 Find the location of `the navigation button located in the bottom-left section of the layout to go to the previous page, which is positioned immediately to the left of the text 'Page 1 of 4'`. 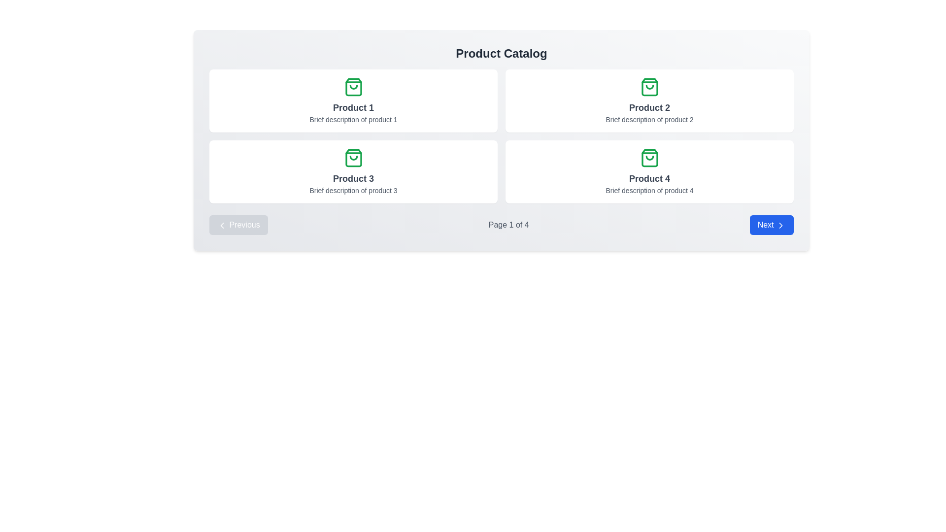

the navigation button located in the bottom-left section of the layout to go to the previous page, which is positioned immediately to the left of the text 'Page 1 of 4' is located at coordinates (238, 225).